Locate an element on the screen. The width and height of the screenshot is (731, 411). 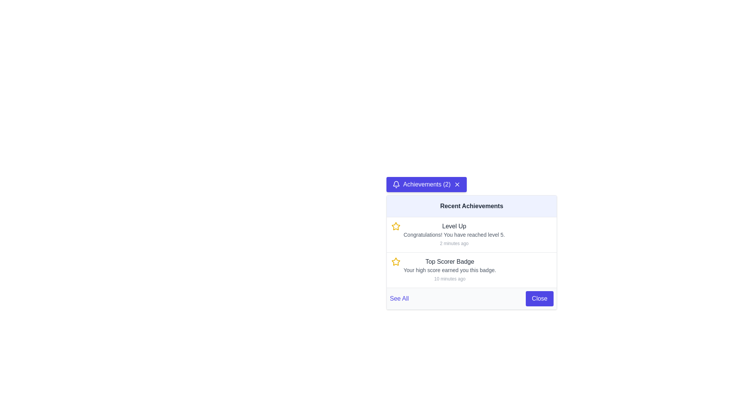
notification details from the Notification item located in the first row of the 'Recent Achievements' section, below the title 'Recent Achievements' is located at coordinates (454, 234).